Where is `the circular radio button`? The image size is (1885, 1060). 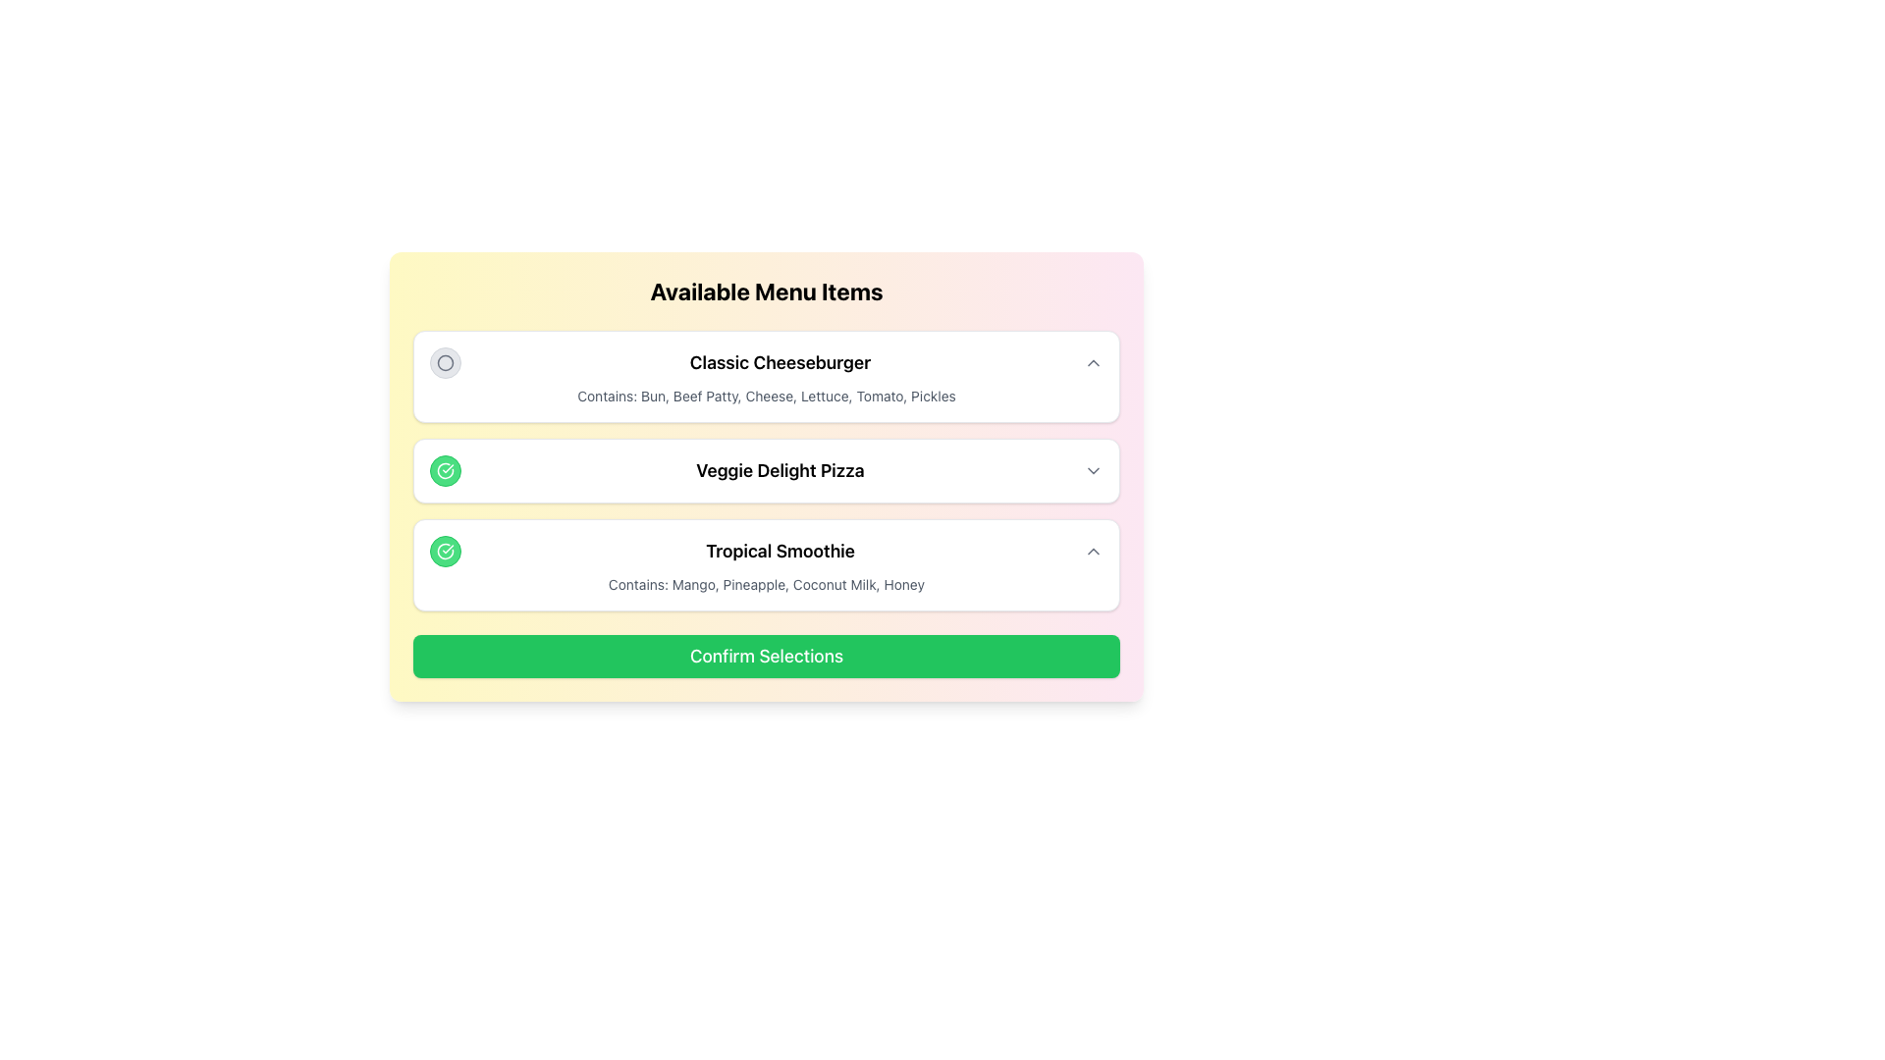
the circular radio button is located at coordinates (445, 363).